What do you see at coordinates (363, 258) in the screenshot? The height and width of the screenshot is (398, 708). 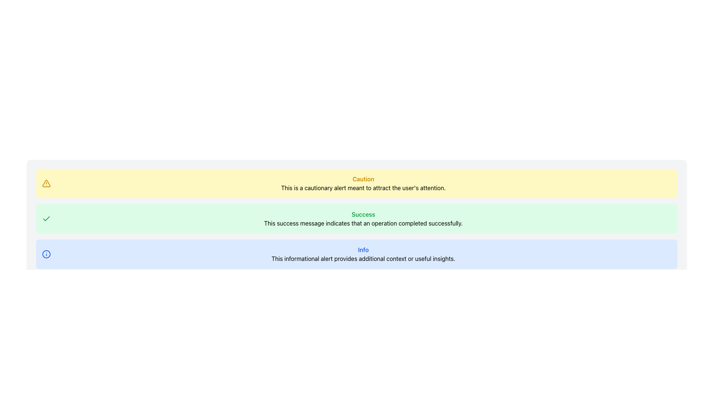 I see `the Text Display element that shows the message 'This informational alert provides additional context or useful insights' which is located beneath the bold label 'Info'` at bounding box center [363, 258].